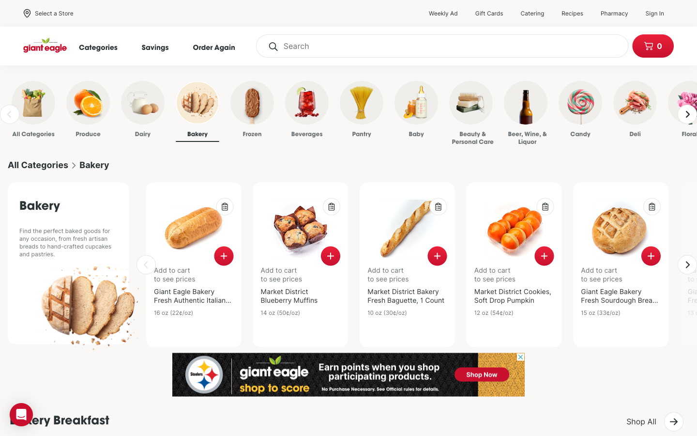  Describe the element at coordinates (659, 13) in the screenshot. I see `Sign into my user profile` at that location.